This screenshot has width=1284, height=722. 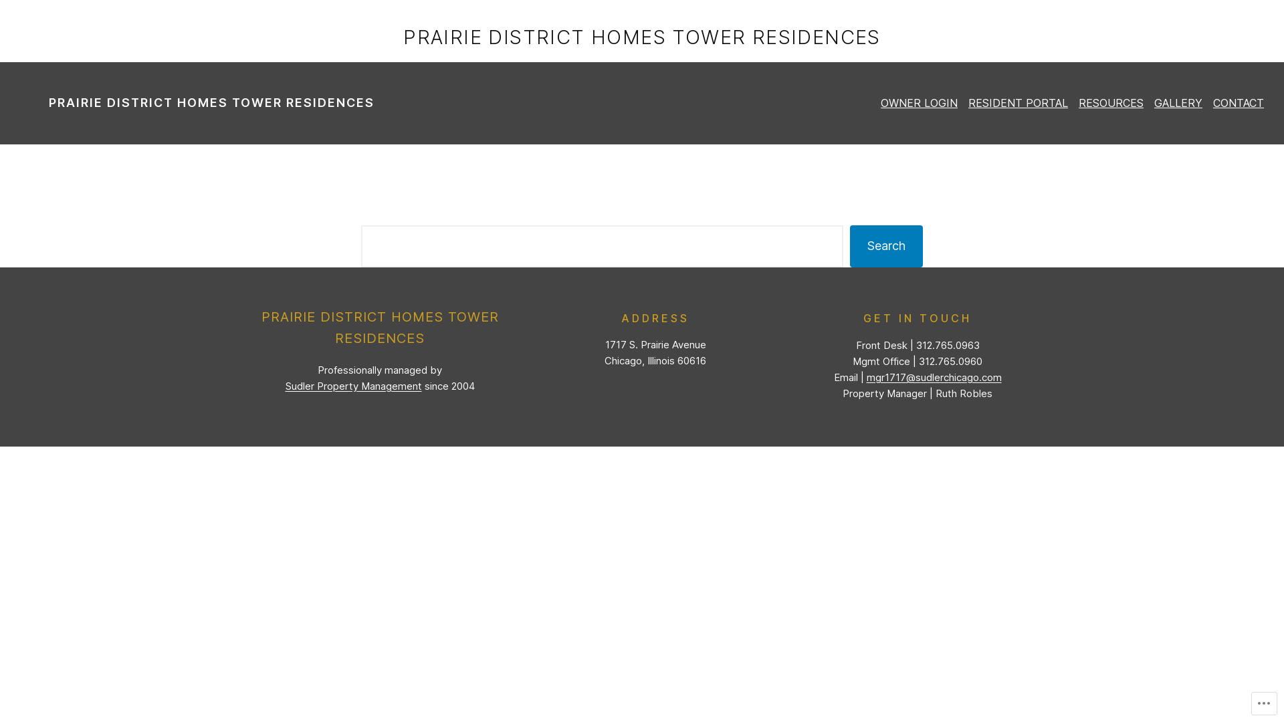 What do you see at coordinates (1017, 102) in the screenshot?
I see `'RESIDENT PORTAL'` at bounding box center [1017, 102].